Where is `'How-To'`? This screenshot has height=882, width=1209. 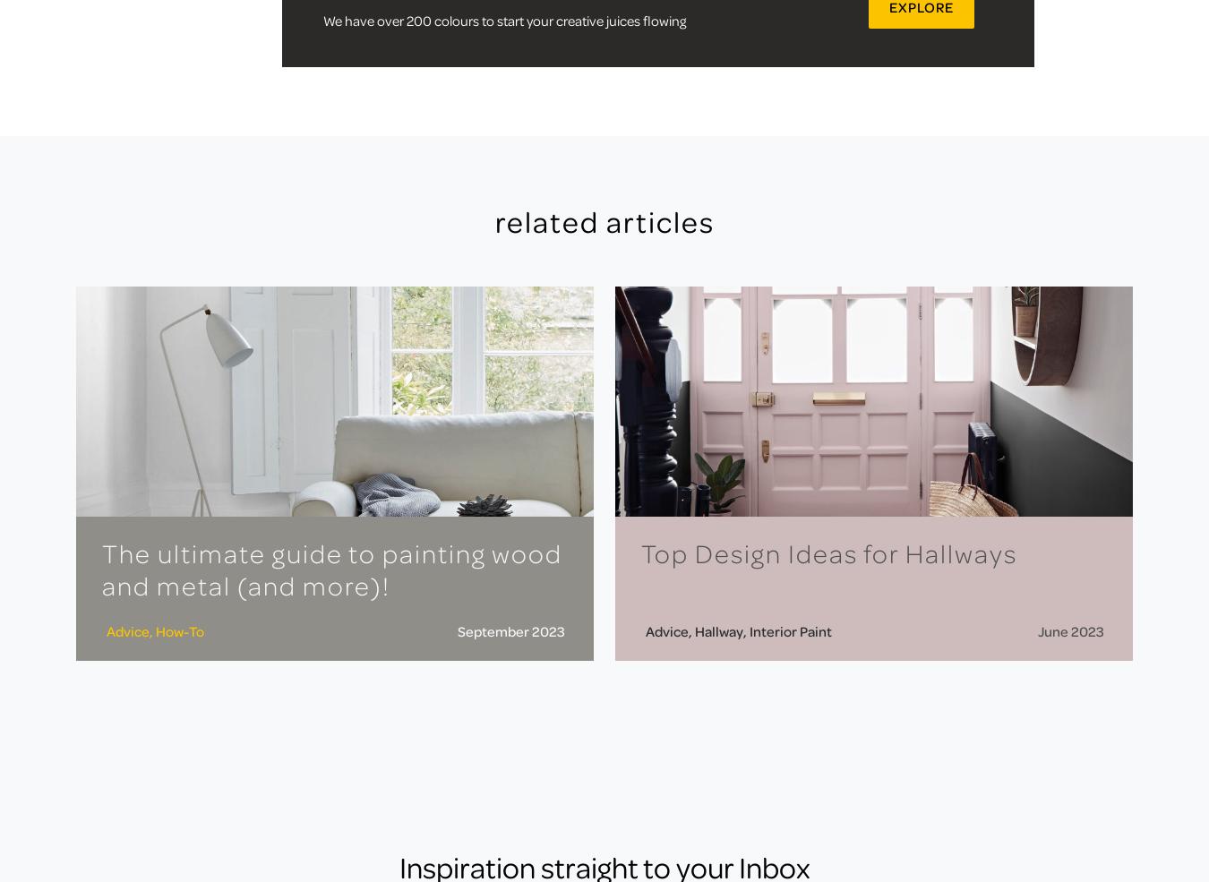
'How-To' is located at coordinates (178, 629).